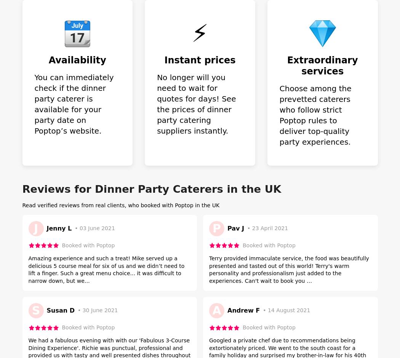 This screenshot has height=358, width=400. Describe the element at coordinates (97, 310) in the screenshot. I see `'• 30 June 2021'` at that location.